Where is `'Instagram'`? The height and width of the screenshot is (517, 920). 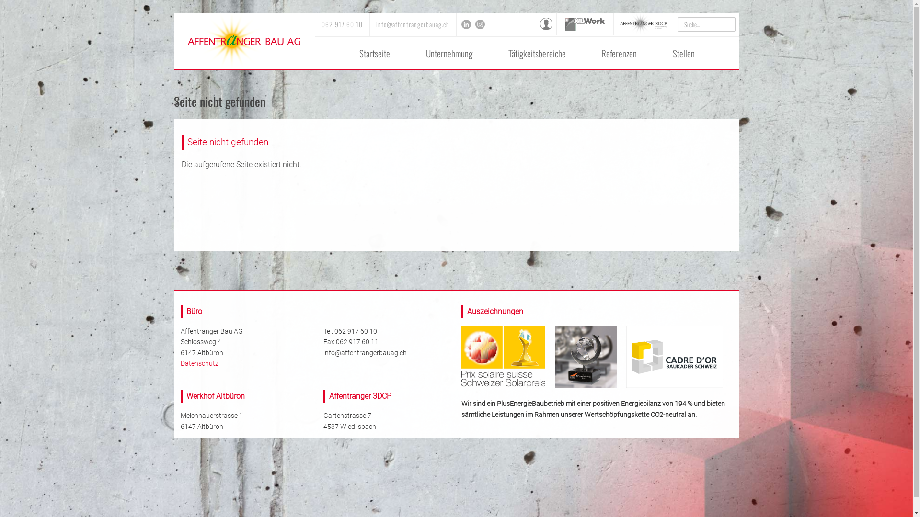
'Instagram' is located at coordinates (479, 24).